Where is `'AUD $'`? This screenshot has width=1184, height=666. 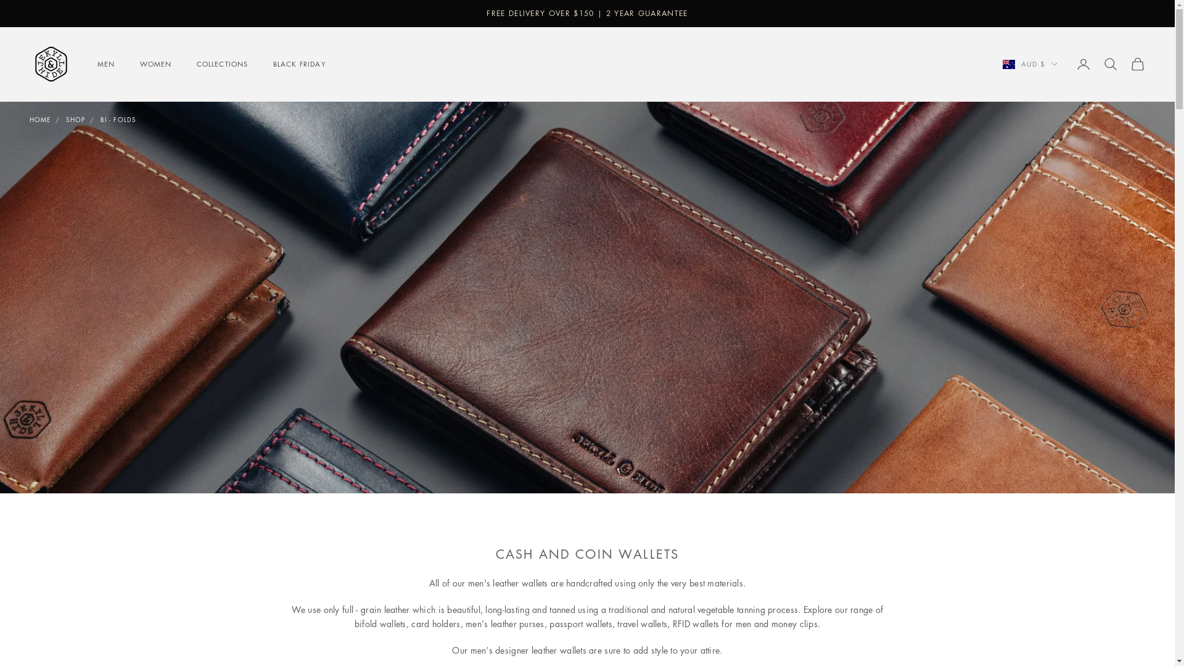 'AUD $' is located at coordinates (1030, 64).